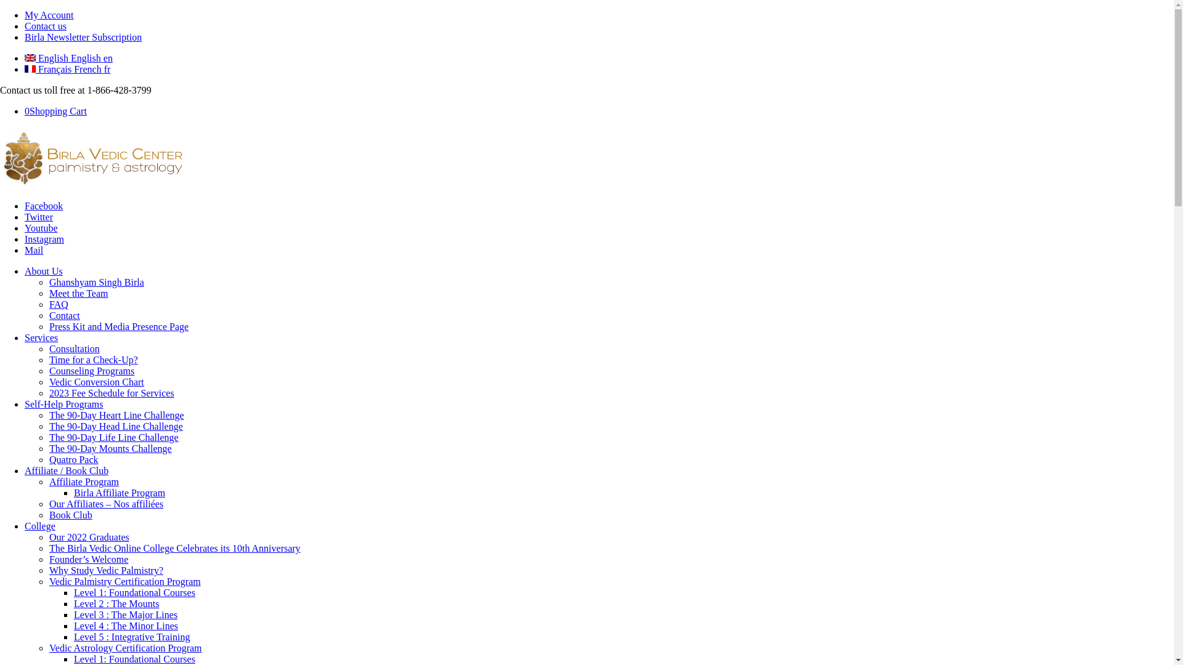 This screenshot has width=1183, height=665. What do you see at coordinates (114, 437) in the screenshot?
I see `'The 90-Day Life Line Challenge'` at bounding box center [114, 437].